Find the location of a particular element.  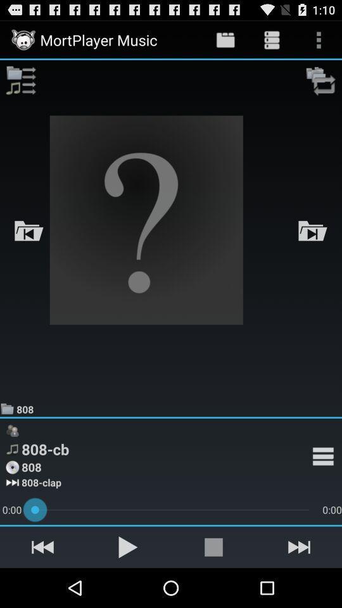

the menu icon is located at coordinates (323, 488).